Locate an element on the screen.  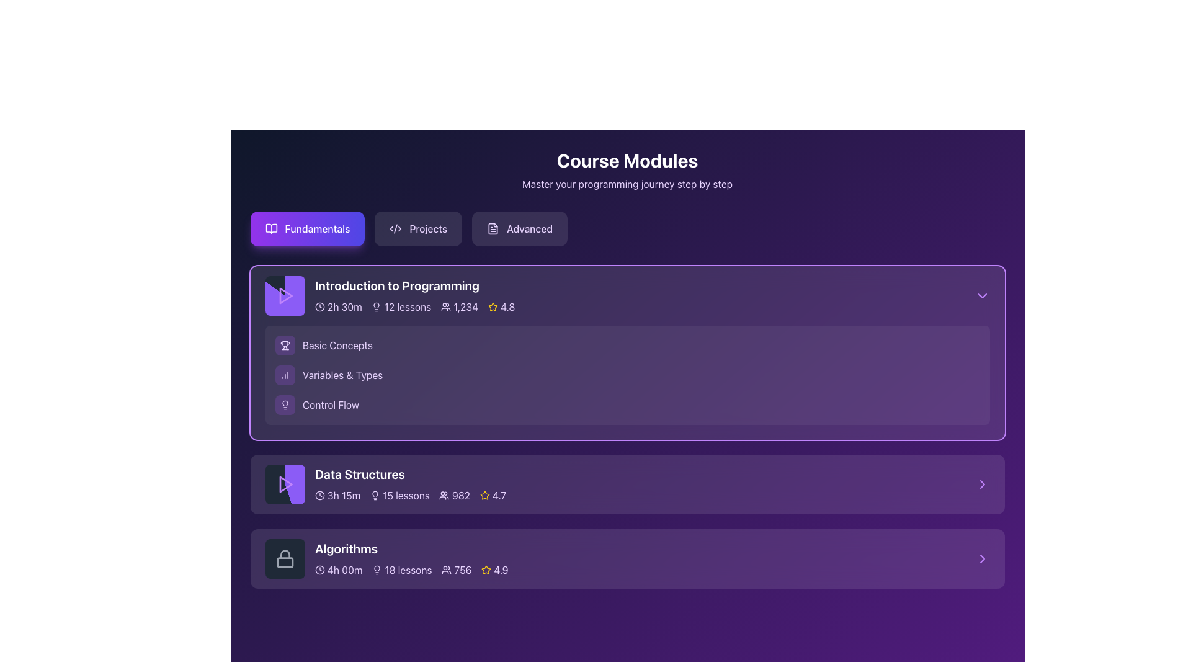
the 'Fundamentals' button, which is a rectangular button with rounded corners, featuring a gradient background from purple to indigo, an open book icon, and the text 'Fundamentals' in bold white font is located at coordinates (307, 229).